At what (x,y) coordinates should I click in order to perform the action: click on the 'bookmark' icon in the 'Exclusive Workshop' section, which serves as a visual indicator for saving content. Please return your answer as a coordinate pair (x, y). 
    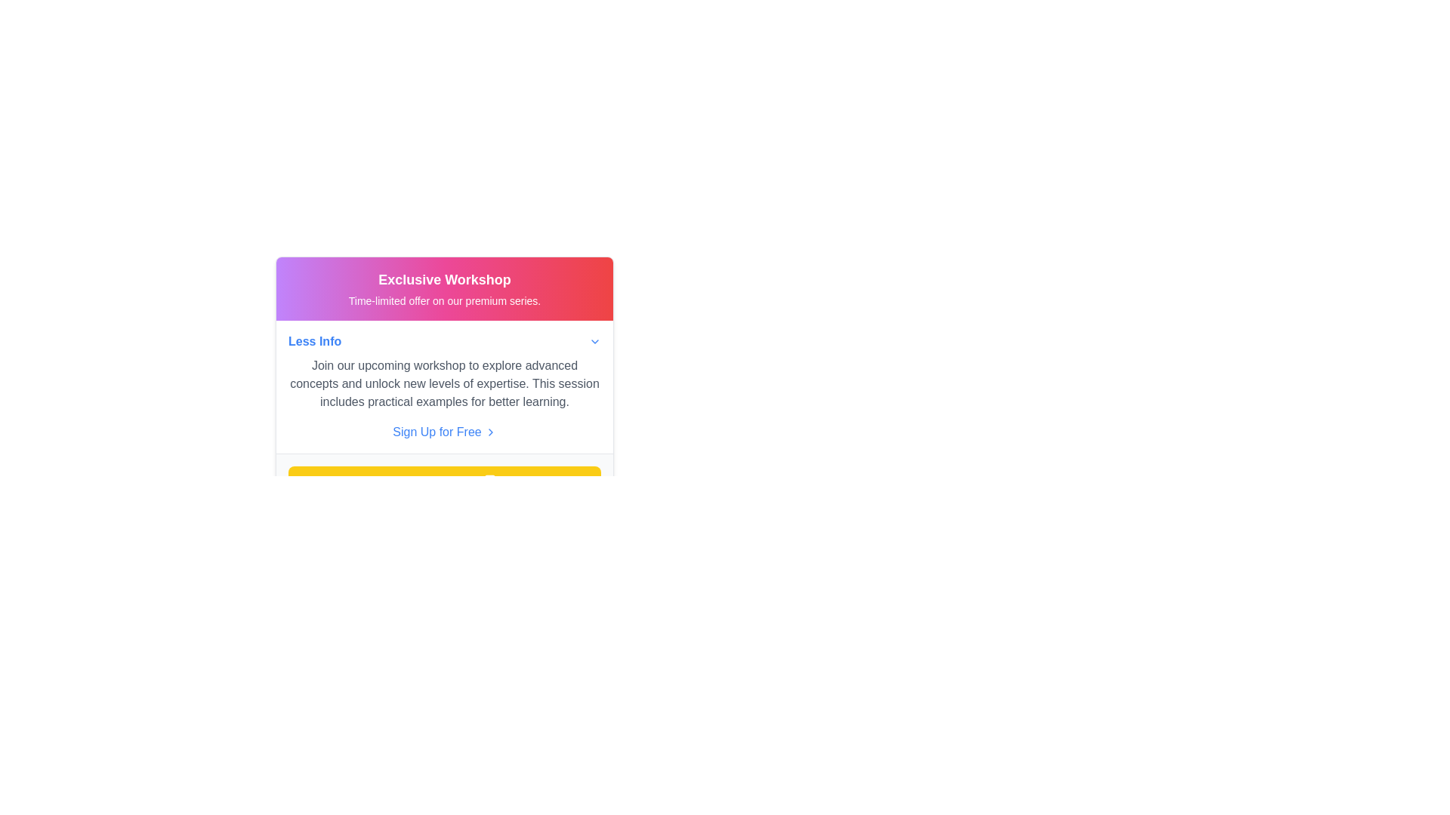
    Looking at the image, I should click on (490, 481).